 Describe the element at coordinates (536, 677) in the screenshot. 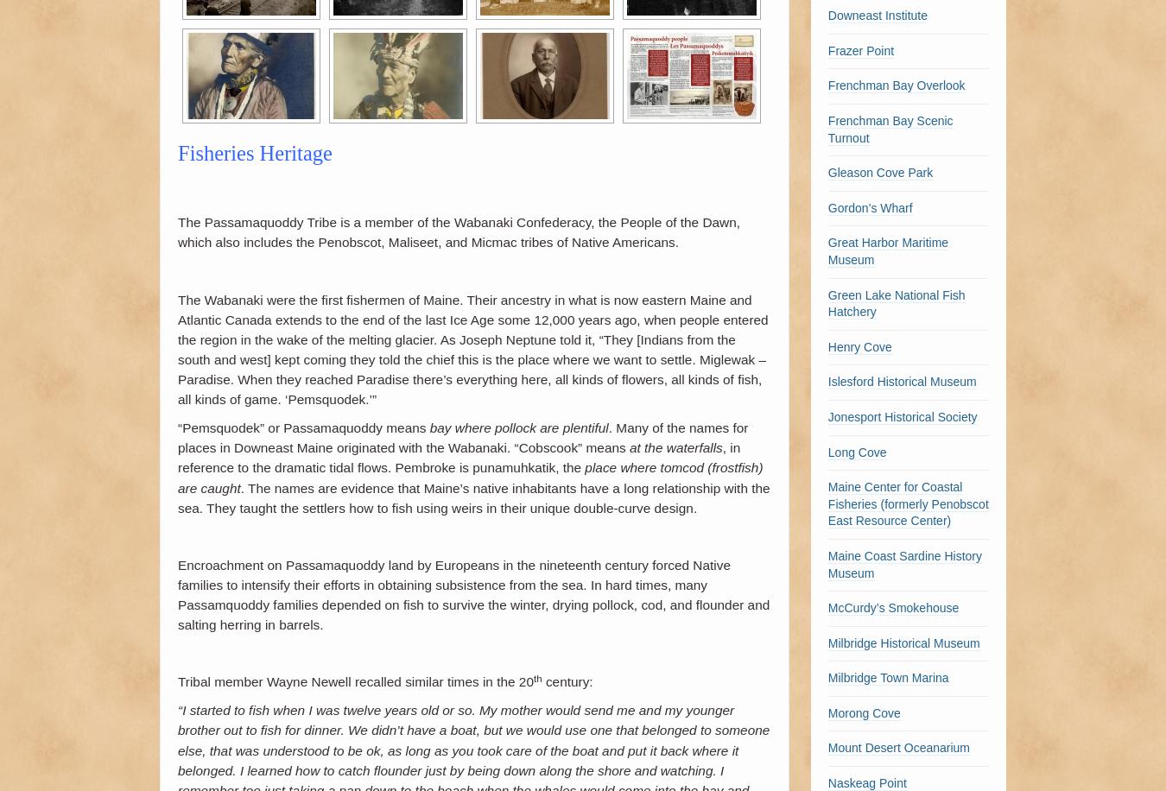

I see `'th'` at that location.